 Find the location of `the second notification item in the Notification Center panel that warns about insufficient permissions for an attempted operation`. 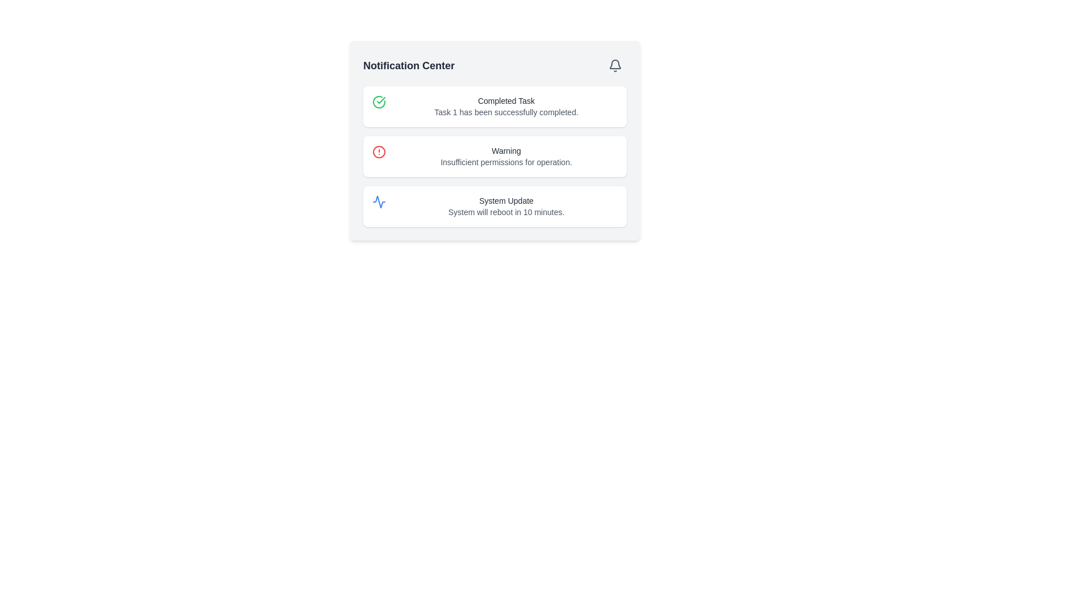

the second notification item in the Notification Center panel that warns about insufficient permissions for an attempted operation is located at coordinates (506, 157).